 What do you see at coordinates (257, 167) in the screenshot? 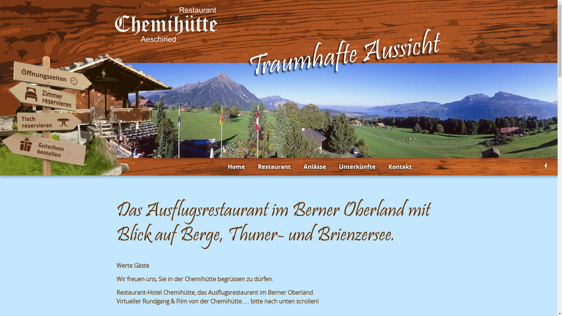
I see `'Restaurant'` at bounding box center [257, 167].